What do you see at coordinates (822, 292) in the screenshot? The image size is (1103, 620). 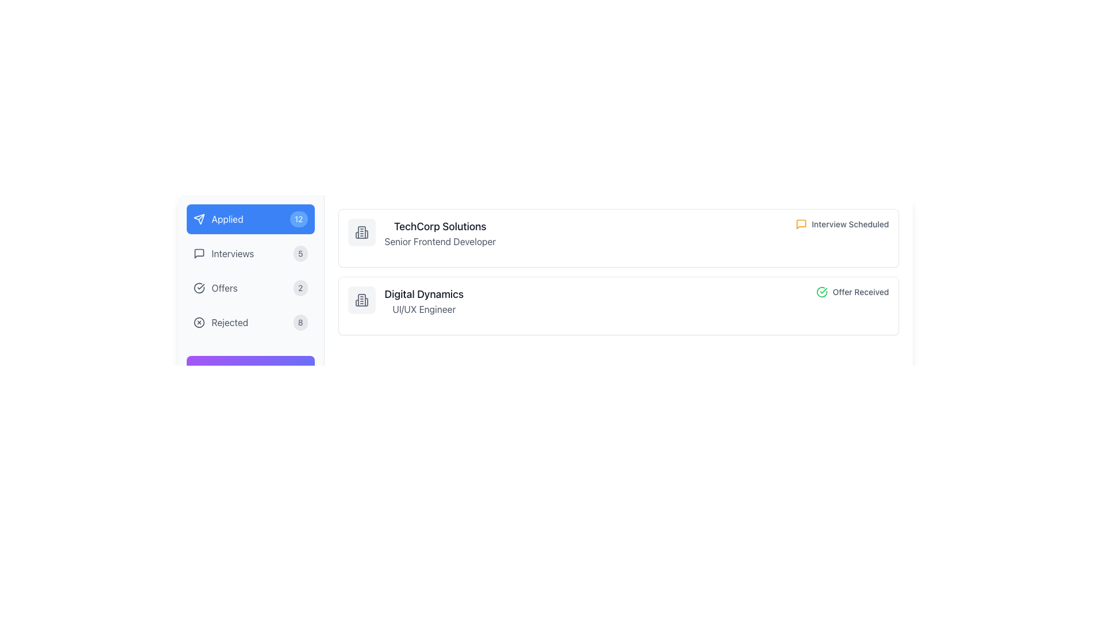 I see `the success status icon located to the left of the 'Offer Received' text as a visual indicator of completion` at bounding box center [822, 292].